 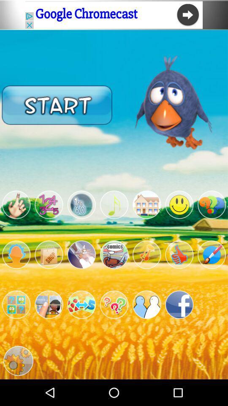 I want to click on game mode, so click(x=211, y=254).